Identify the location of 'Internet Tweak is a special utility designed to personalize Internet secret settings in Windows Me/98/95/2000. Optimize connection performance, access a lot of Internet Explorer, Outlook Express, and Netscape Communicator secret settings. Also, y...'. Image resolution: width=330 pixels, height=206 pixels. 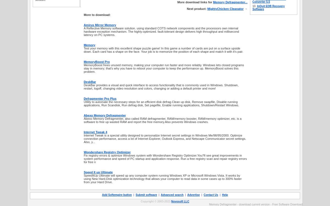
(164, 138).